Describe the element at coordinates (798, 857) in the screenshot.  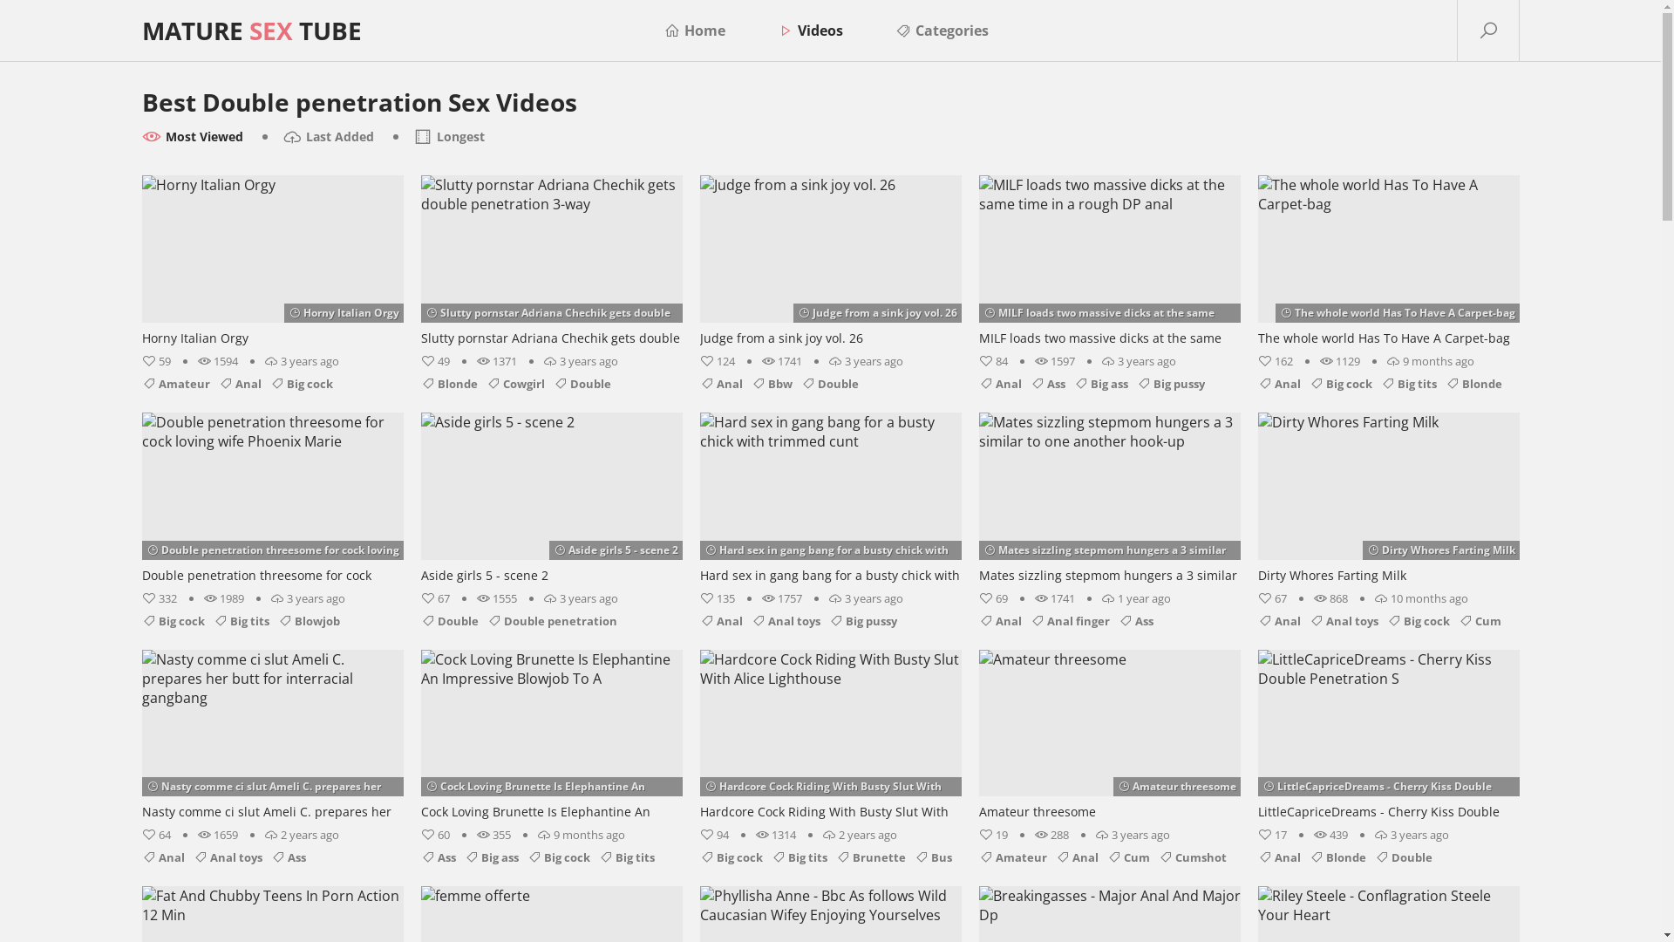
I see `'Big tits'` at that location.